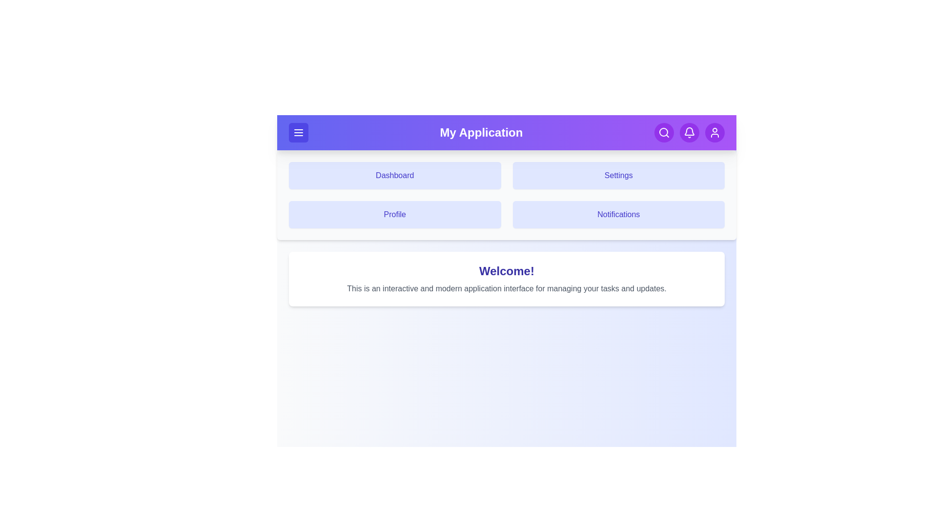  Describe the element at coordinates (618, 214) in the screenshot. I see `the navigation tile corresponding to Notifications to navigate to that section` at that location.